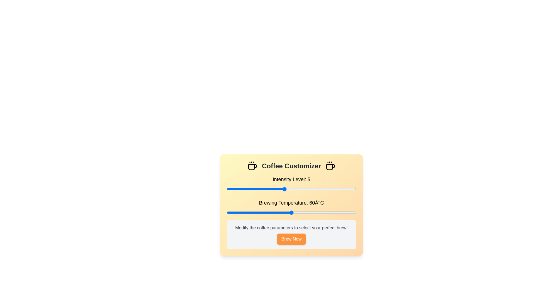 The height and width of the screenshot is (301, 535). What do you see at coordinates (227, 189) in the screenshot?
I see `the coffee intensity level to 1 by interacting with the slider` at bounding box center [227, 189].